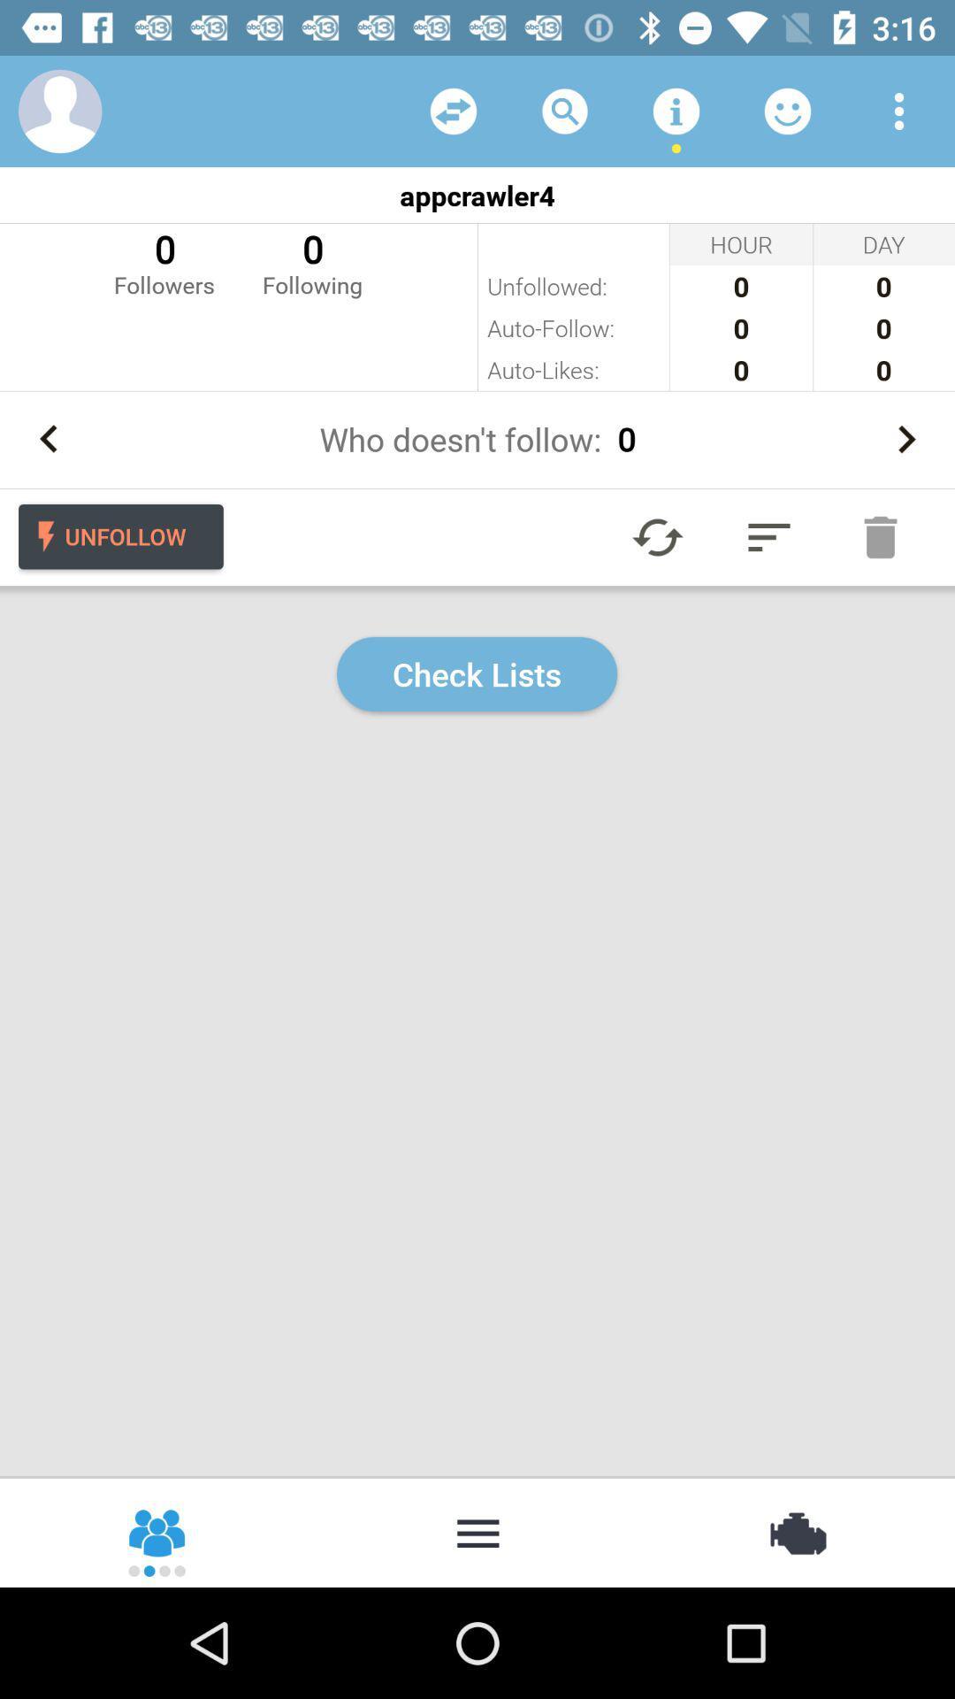  What do you see at coordinates (880, 536) in the screenshot?
I see `delete` at bounding box center [880, 536].